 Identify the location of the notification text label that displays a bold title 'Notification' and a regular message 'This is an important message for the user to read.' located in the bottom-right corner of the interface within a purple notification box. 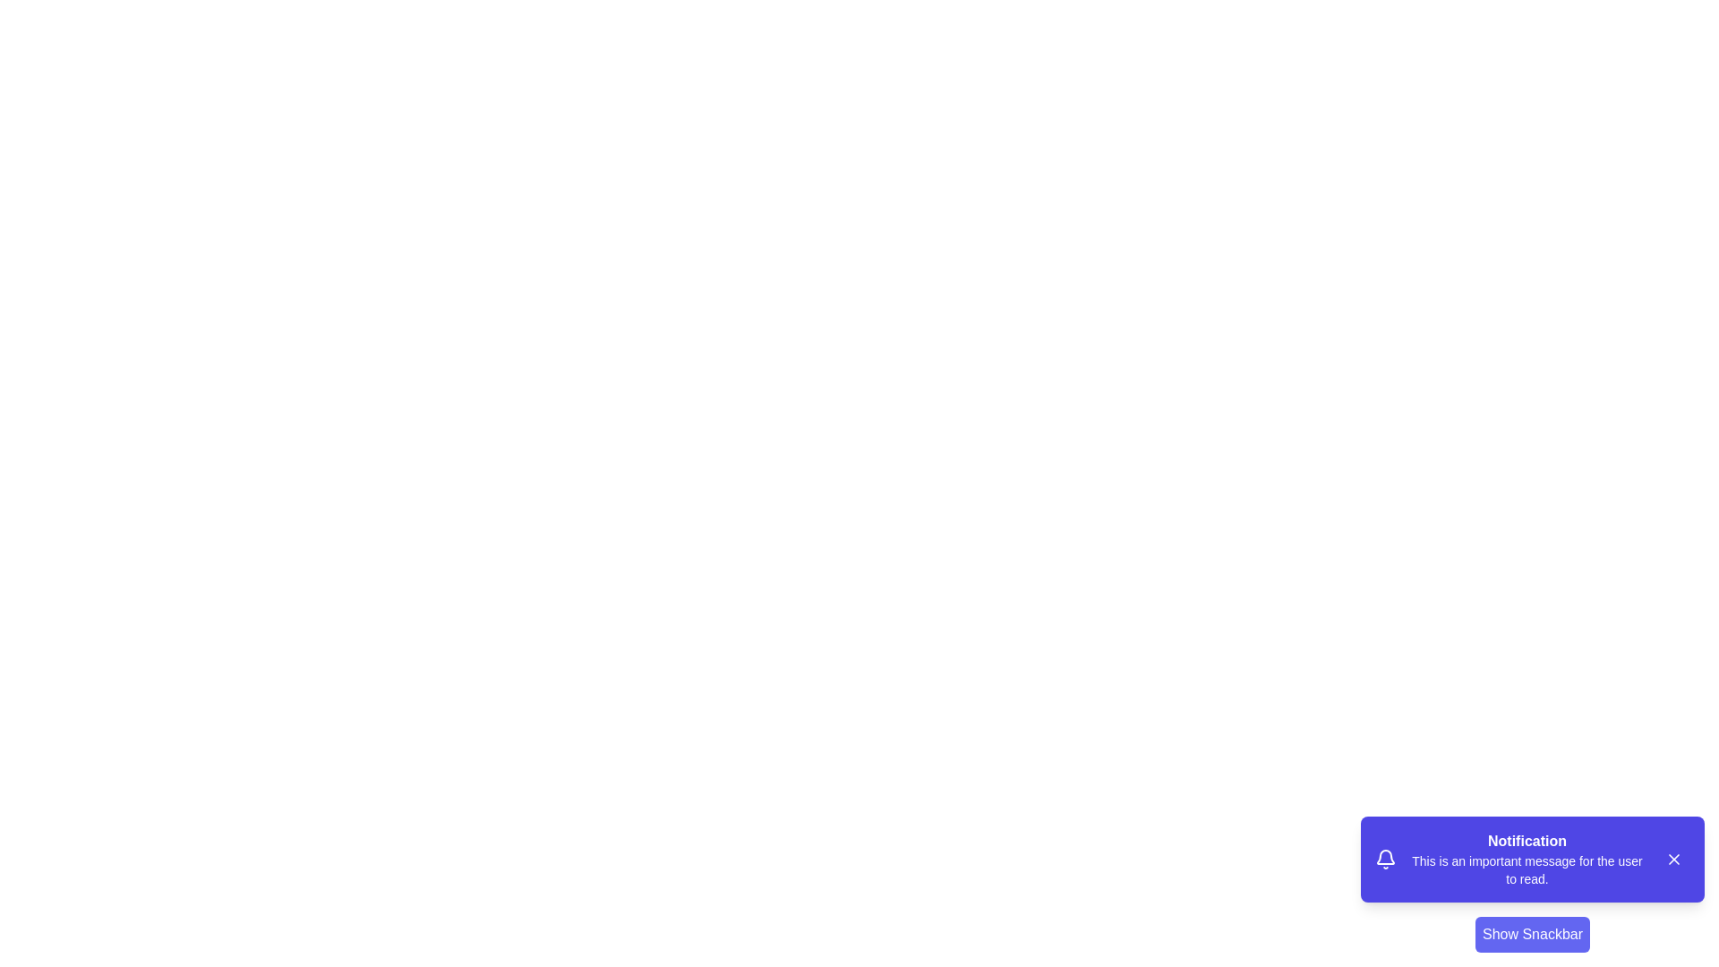
(1526, 859).